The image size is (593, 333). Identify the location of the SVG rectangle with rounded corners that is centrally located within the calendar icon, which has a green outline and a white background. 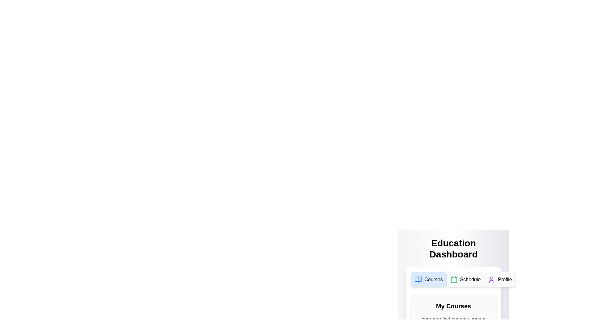
(454, 280).